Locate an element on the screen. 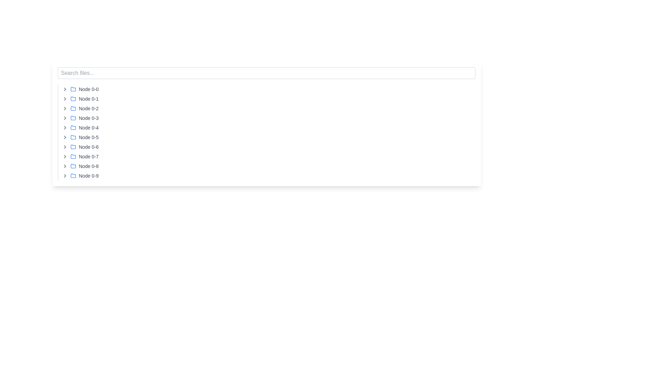  the label displaying 'Node 0-8' is located at coordinates (88, 166).